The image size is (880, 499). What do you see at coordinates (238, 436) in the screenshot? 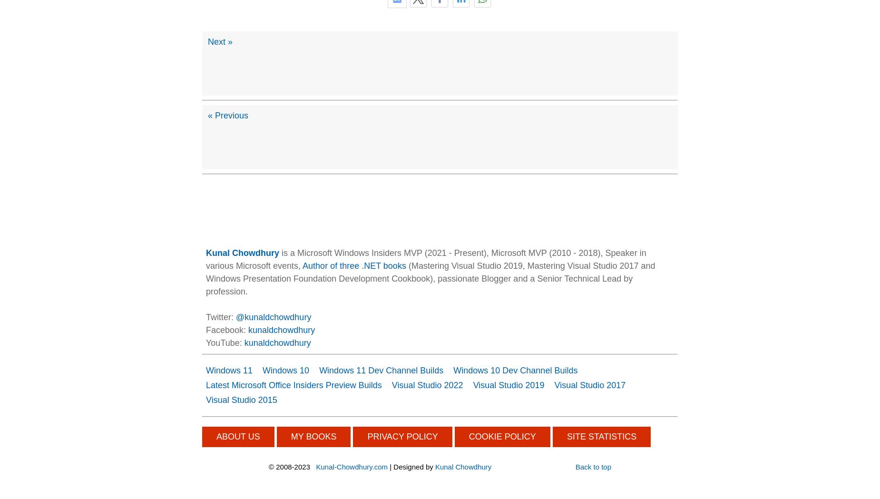
I see `'ABOUT US'` at bounding box center [238, 436].